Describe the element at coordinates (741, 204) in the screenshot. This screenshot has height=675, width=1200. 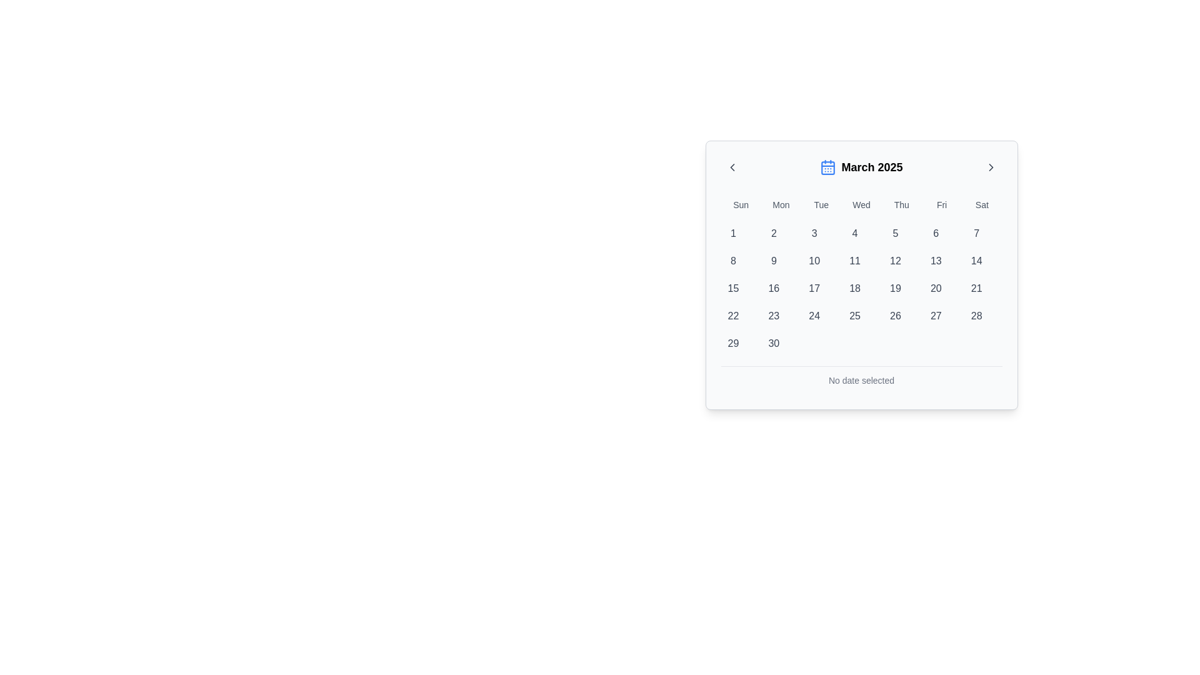
I see `label indicating the abbreviation for Sunday, which is located in the top-left corner of the grid section of the calendar widget` at that location.